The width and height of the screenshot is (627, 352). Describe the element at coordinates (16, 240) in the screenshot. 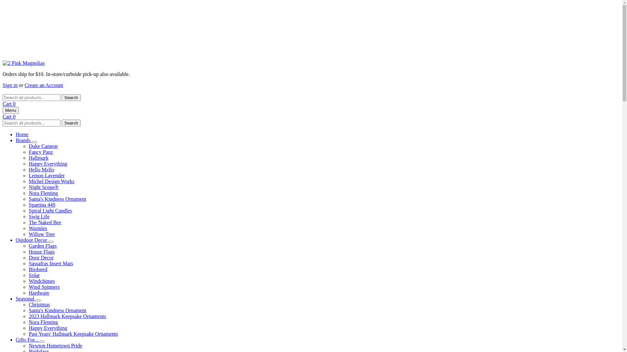

I see `'Outdoor Decor'` at that location.